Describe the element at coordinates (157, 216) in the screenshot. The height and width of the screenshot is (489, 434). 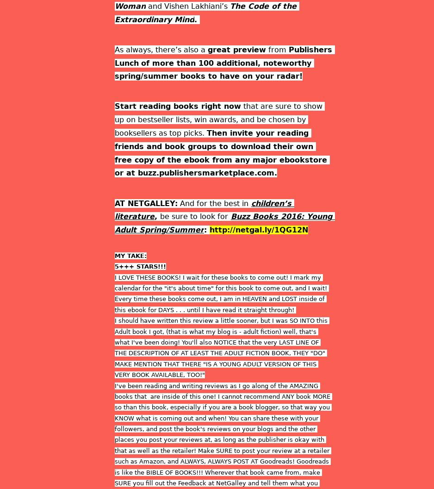
I see `','` at that location.